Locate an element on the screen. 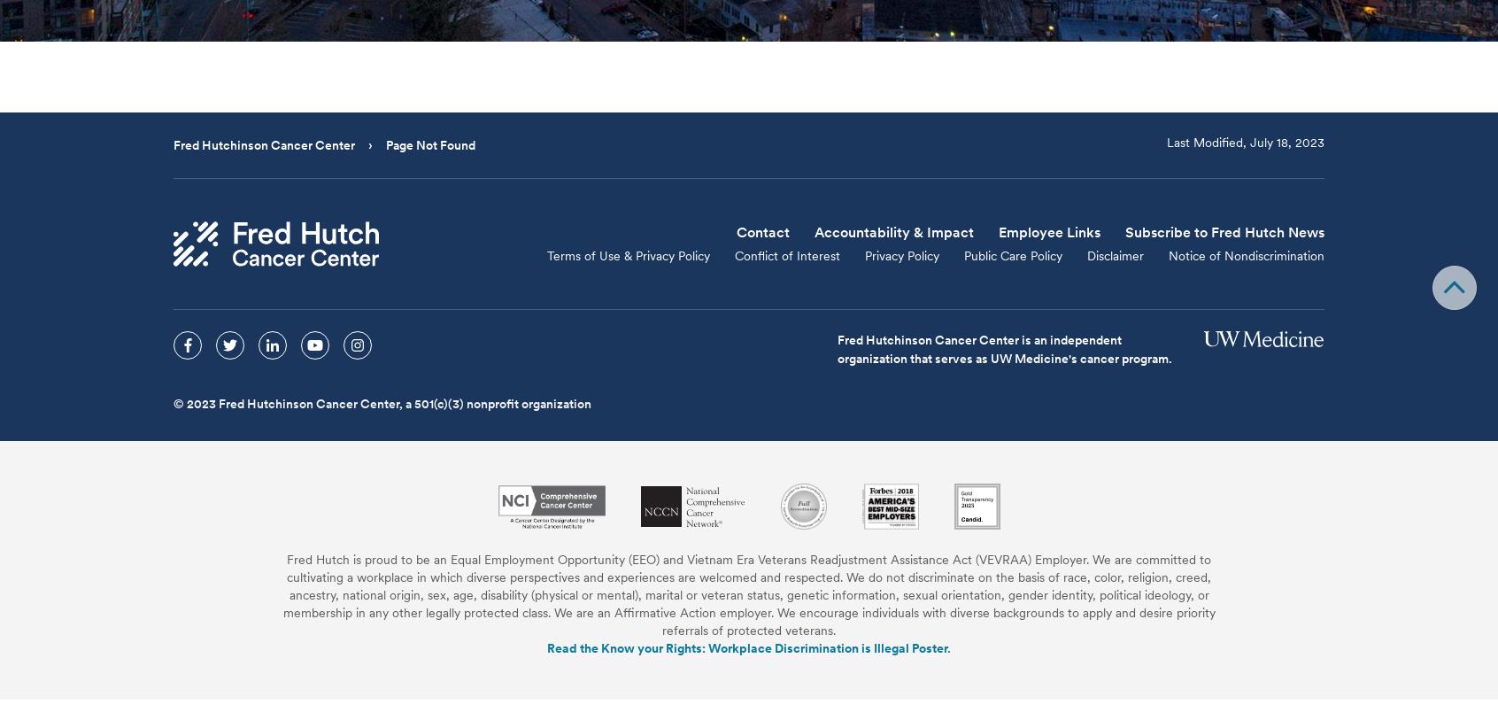 The width and height of the screenshot is (1498, 720). 'Disclaimer' is located at coordinates (1116, 255).